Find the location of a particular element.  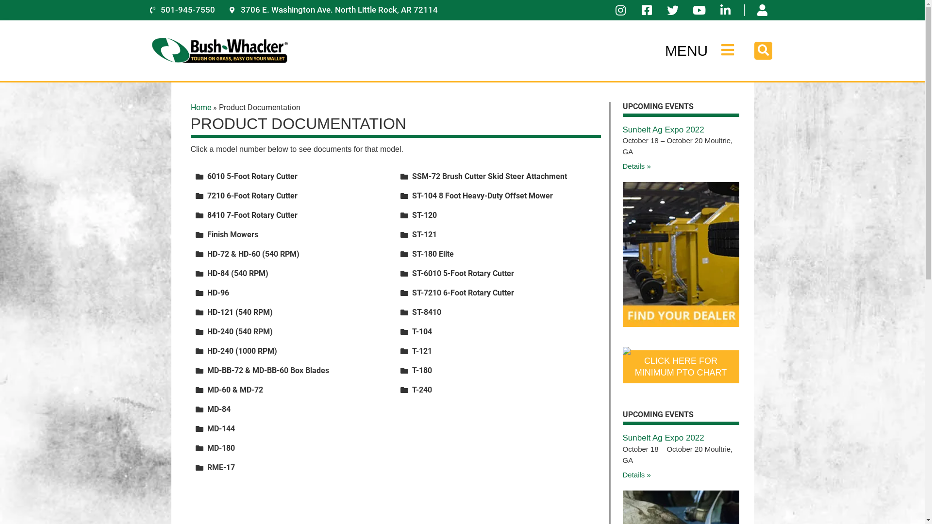

'ST-104 8 Foot Heavy-Duty Offset Mower' is located at coordinates (412, 196).